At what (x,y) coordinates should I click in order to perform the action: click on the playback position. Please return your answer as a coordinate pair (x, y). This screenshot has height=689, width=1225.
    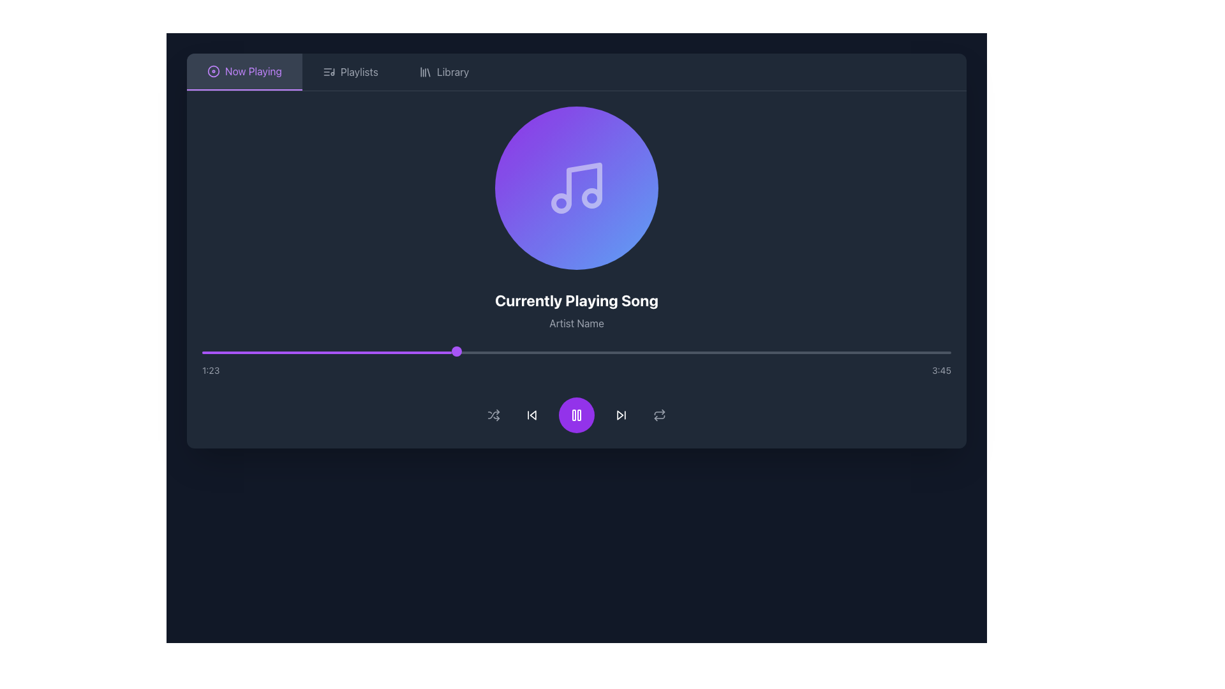
    Looking at the image, I should click on (629, 352).